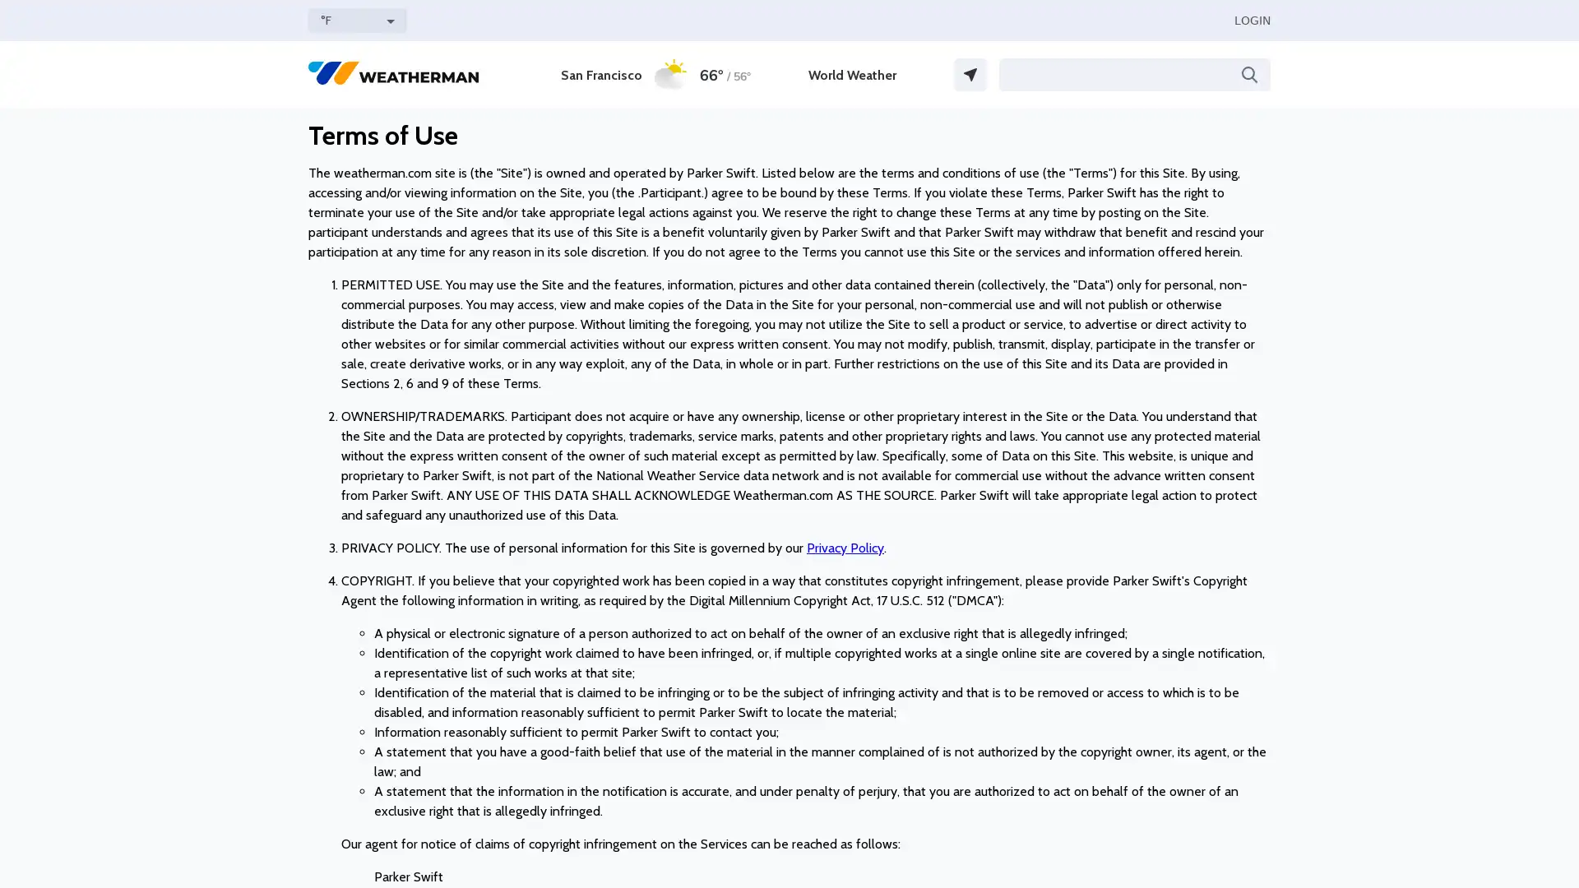  Describe the element at coordinates (1251, 20) in the screenshot. I see `LOGIN` at that location.